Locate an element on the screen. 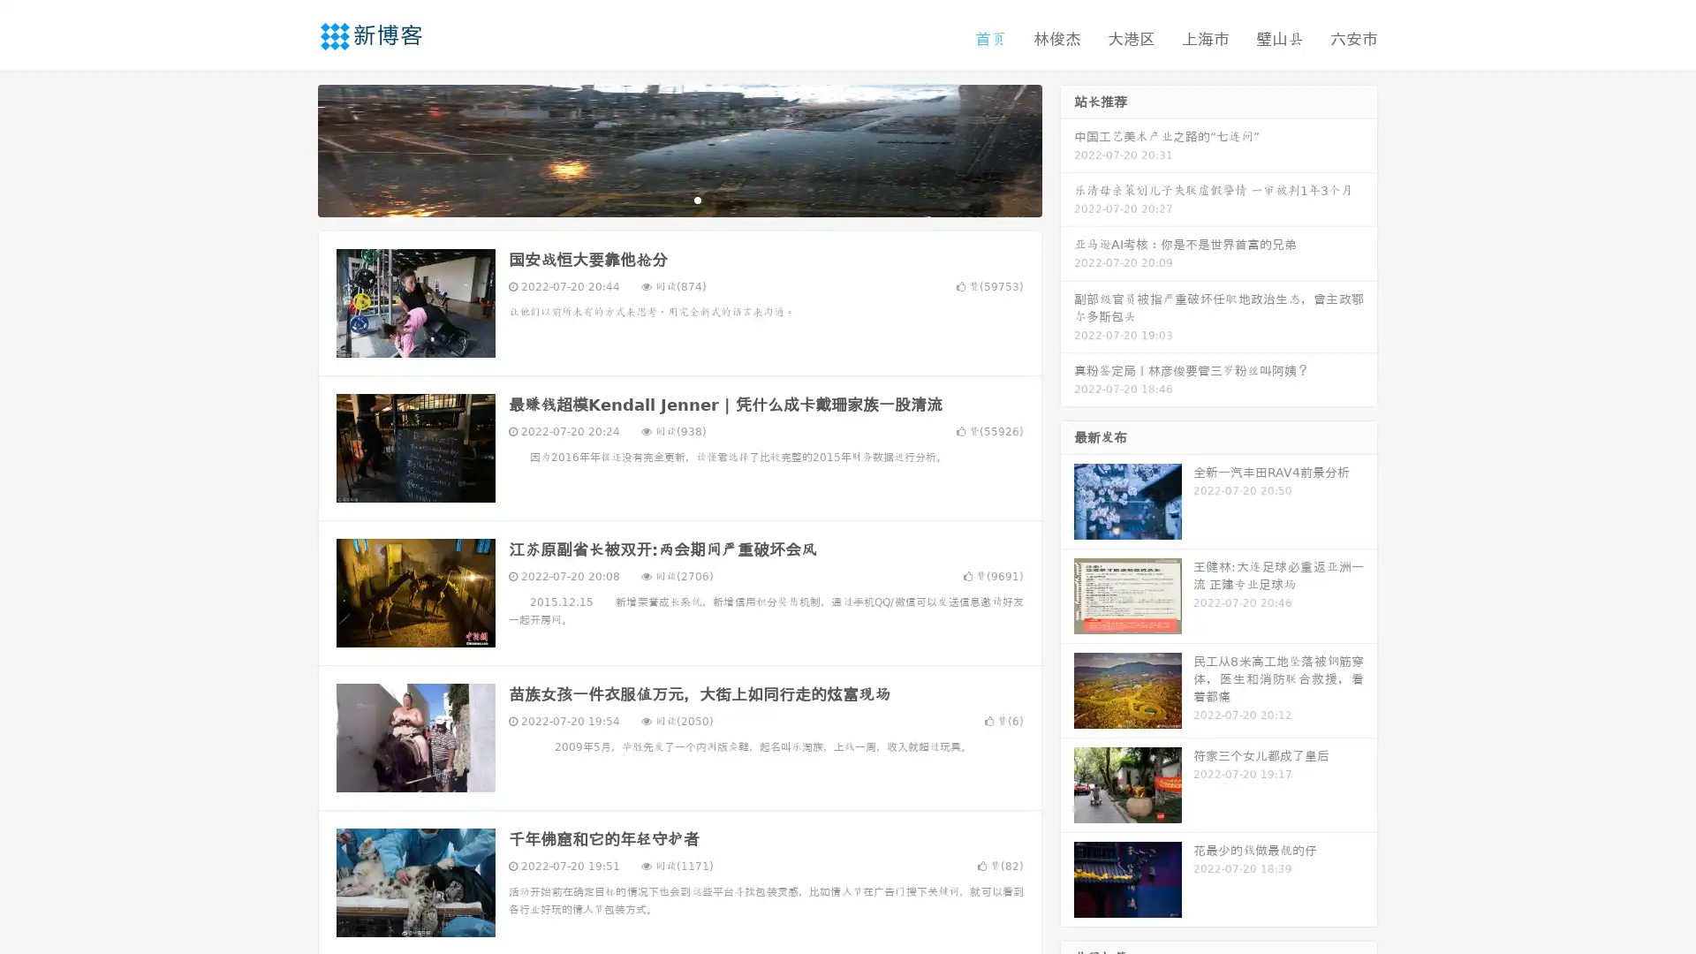  Go to slide 1 is located at coordinates (661, 199).